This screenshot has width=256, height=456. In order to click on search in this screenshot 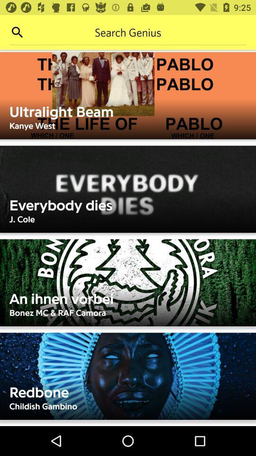, I will do `click(17, 32)`.